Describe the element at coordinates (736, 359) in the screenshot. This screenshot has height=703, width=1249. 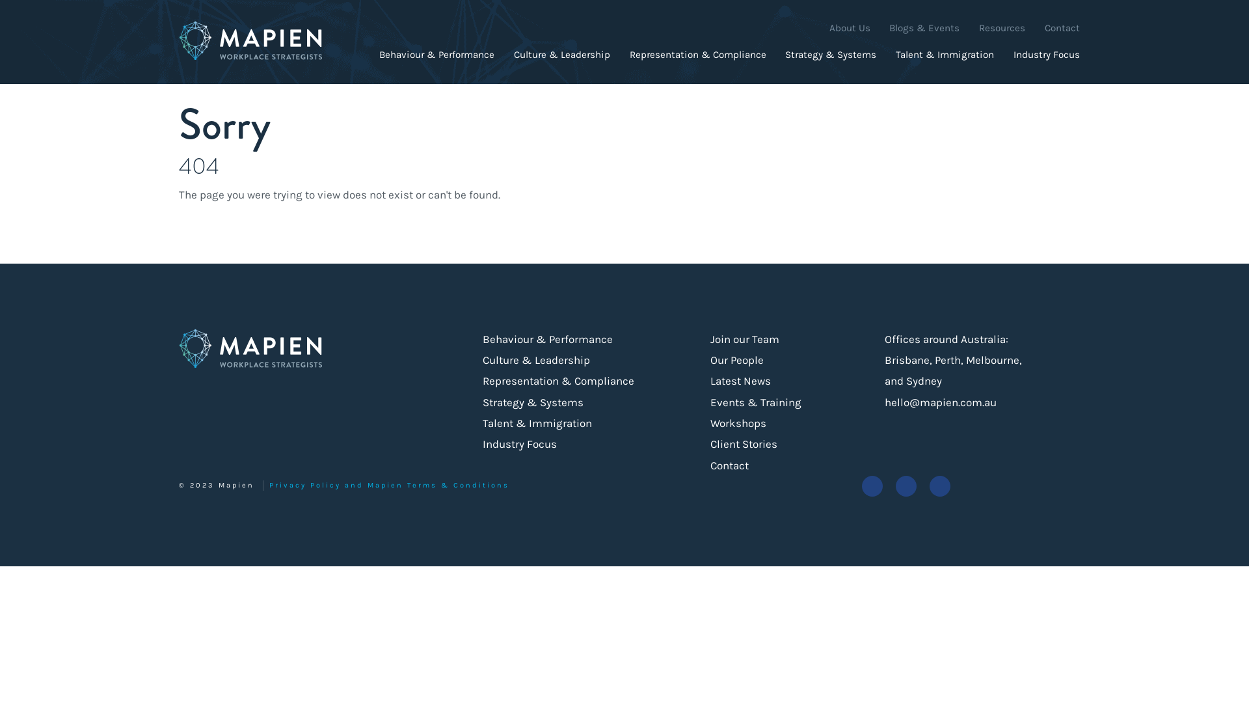
I see `'Our People'` at that location.